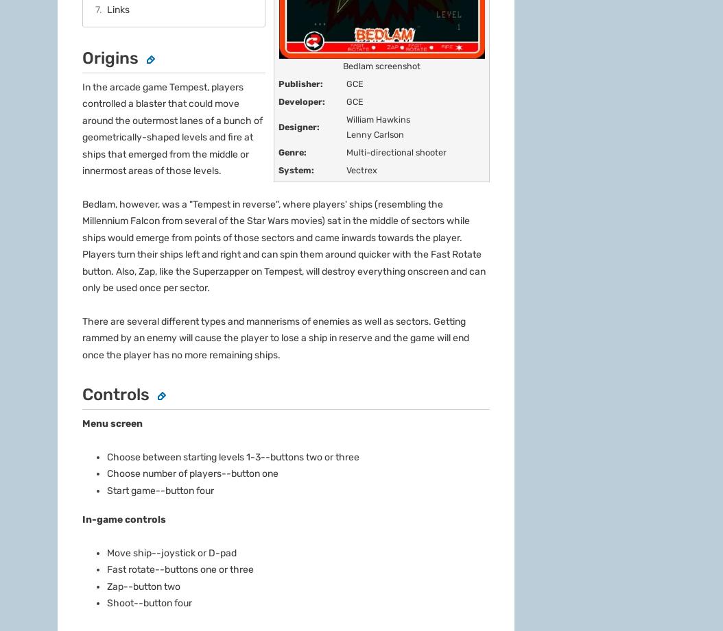  I want to click on 'Media Kit', so click(57, 518).